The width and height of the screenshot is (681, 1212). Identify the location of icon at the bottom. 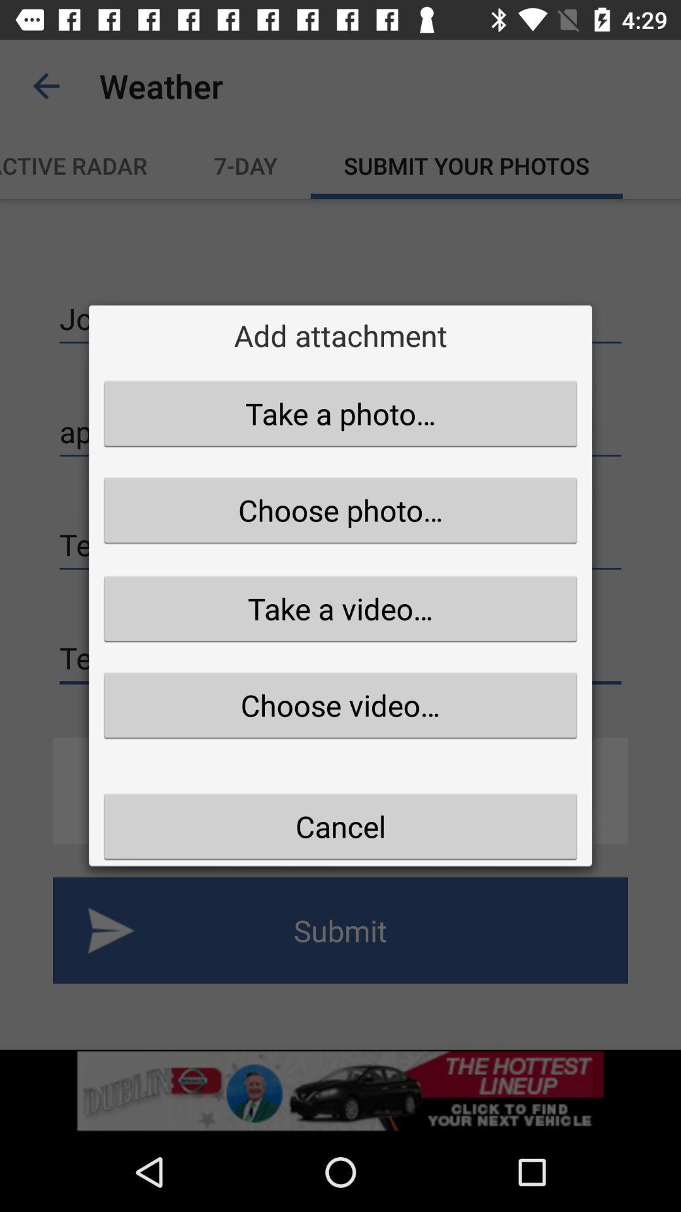
(340, 826).